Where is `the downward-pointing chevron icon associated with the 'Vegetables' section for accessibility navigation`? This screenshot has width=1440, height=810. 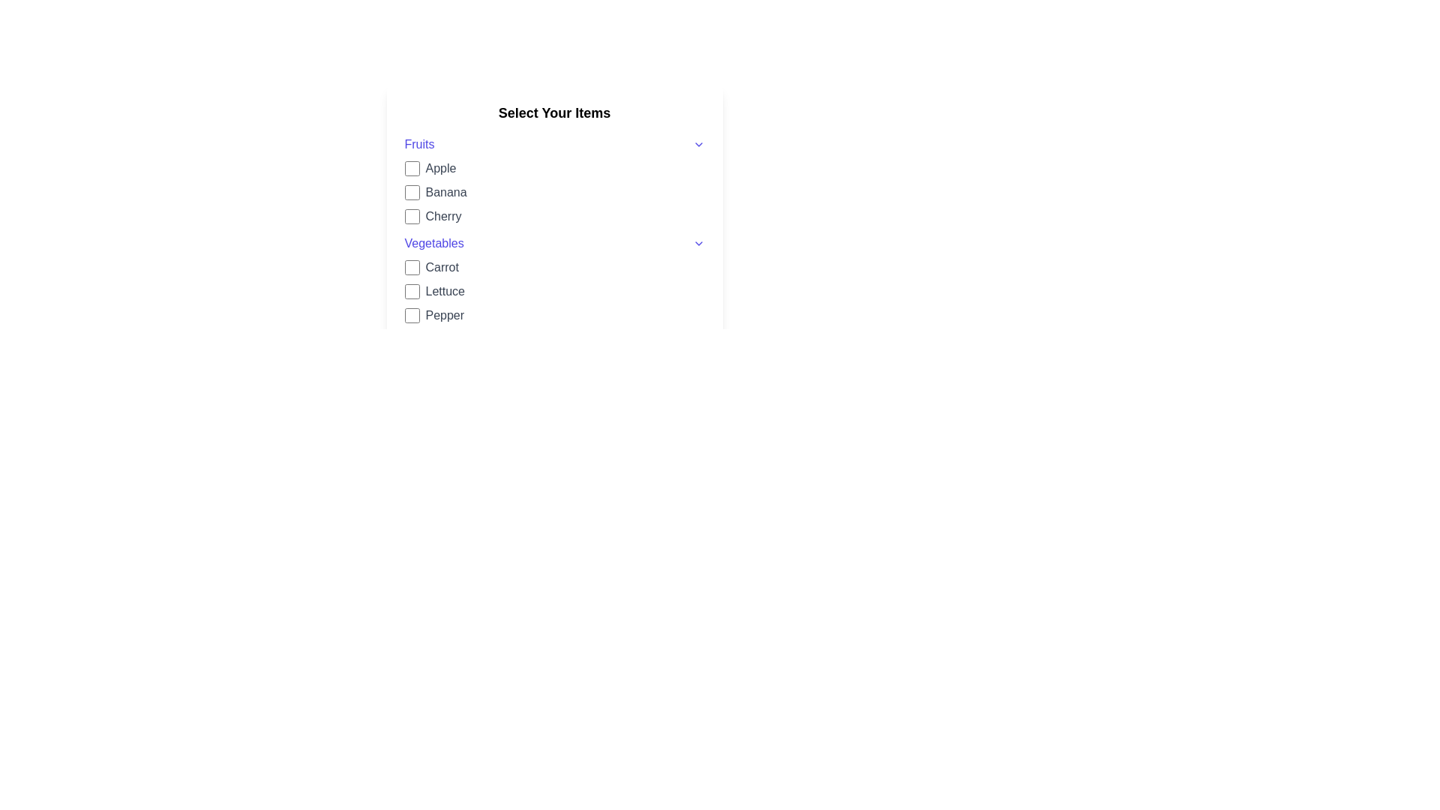
the downward-pointing chevron icon associated with the 'Vegetables' section for accessibility navigation is located at coordinates (697, 242).